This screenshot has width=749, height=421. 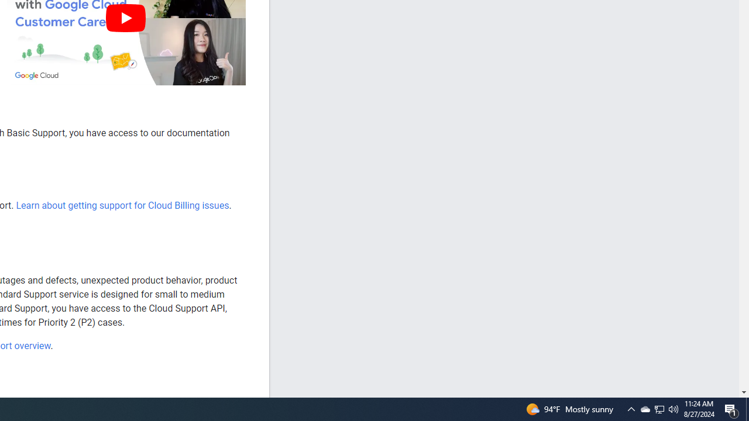 What do you see at coordinates (126, 18) in the screenshot?
I see `'Play'` at bounding box center [126, 18].